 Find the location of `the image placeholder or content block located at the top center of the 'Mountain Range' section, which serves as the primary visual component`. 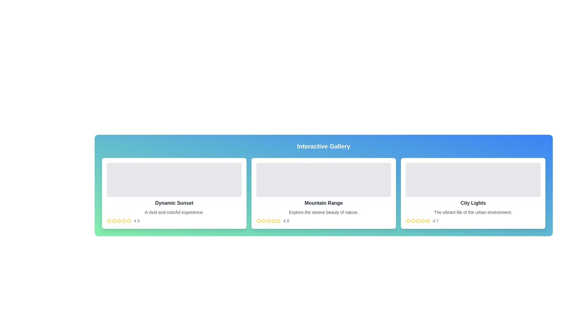

the image placeholder or content block located at the top center of the 'Mountain Range' section, which serves as the primary visual component is located at coordinates (323, 180).